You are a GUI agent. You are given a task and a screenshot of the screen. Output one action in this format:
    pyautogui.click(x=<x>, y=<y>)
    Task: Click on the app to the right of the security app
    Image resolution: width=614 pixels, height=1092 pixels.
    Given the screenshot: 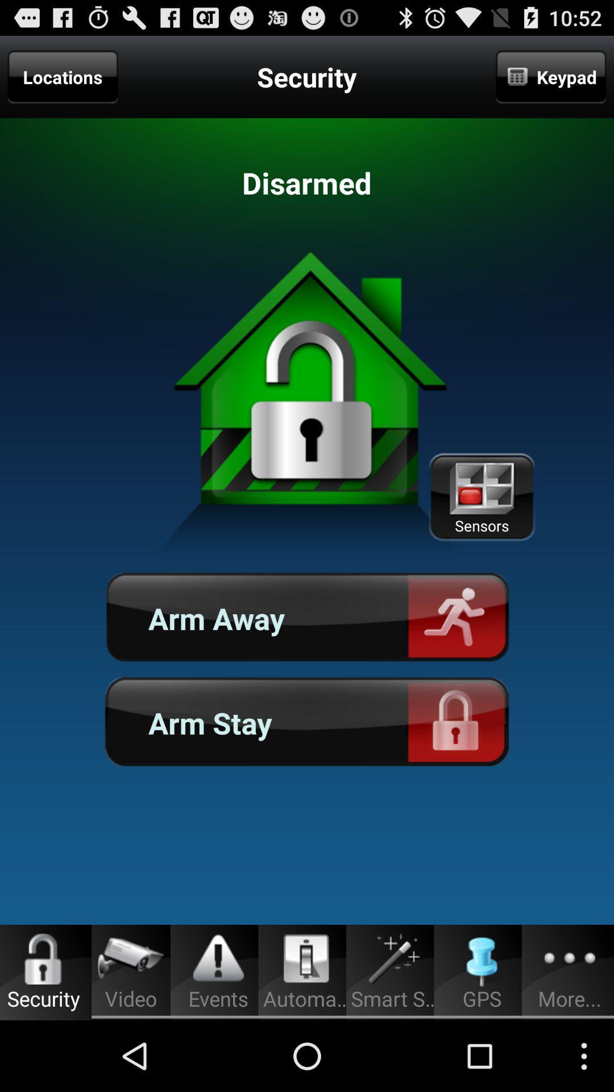 What is the action you would take?
    pyautogui.click(x=550, y=76)
    